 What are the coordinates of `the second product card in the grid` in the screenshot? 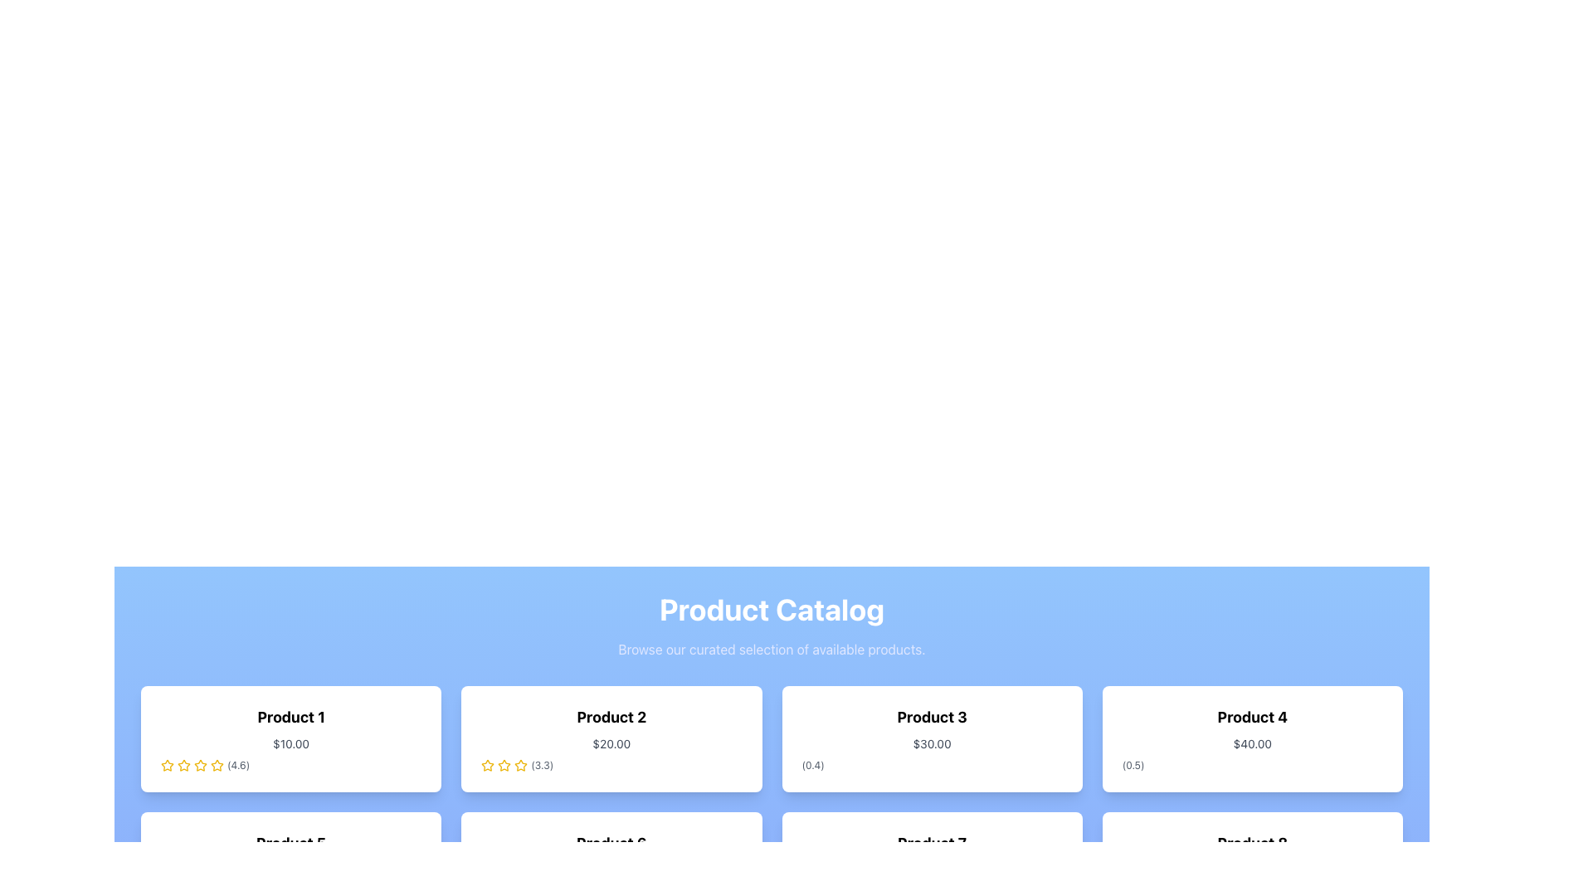 It's located at (611, 738).